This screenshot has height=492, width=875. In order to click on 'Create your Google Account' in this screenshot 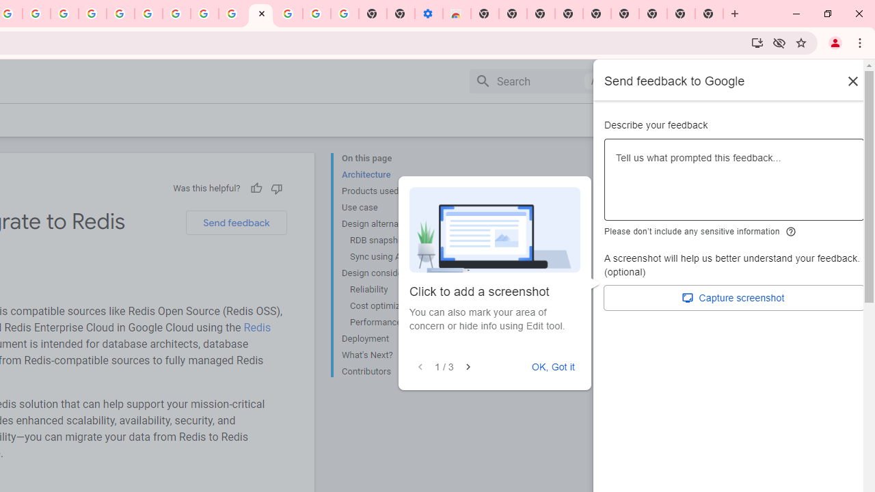, I will do `click(36, 14)`.